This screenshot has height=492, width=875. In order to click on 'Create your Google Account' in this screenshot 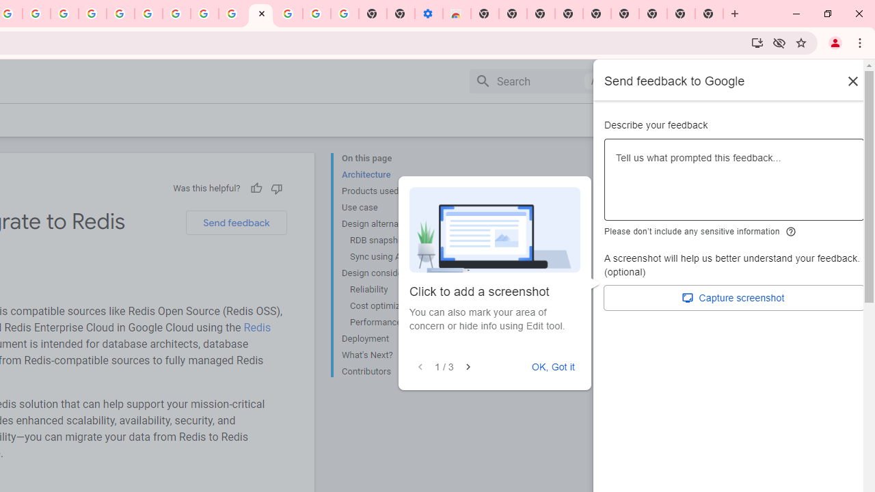, I will do `click(36, 14)`.